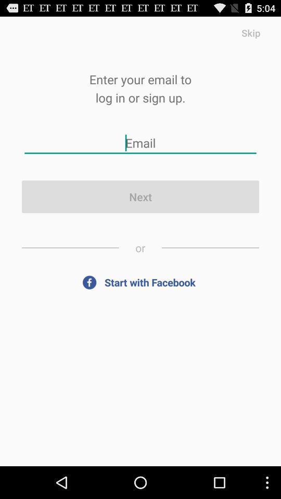  What do you see at coordinates (140, 142) in the screenshot?
I see `name button` at bounding box center [140, 142].